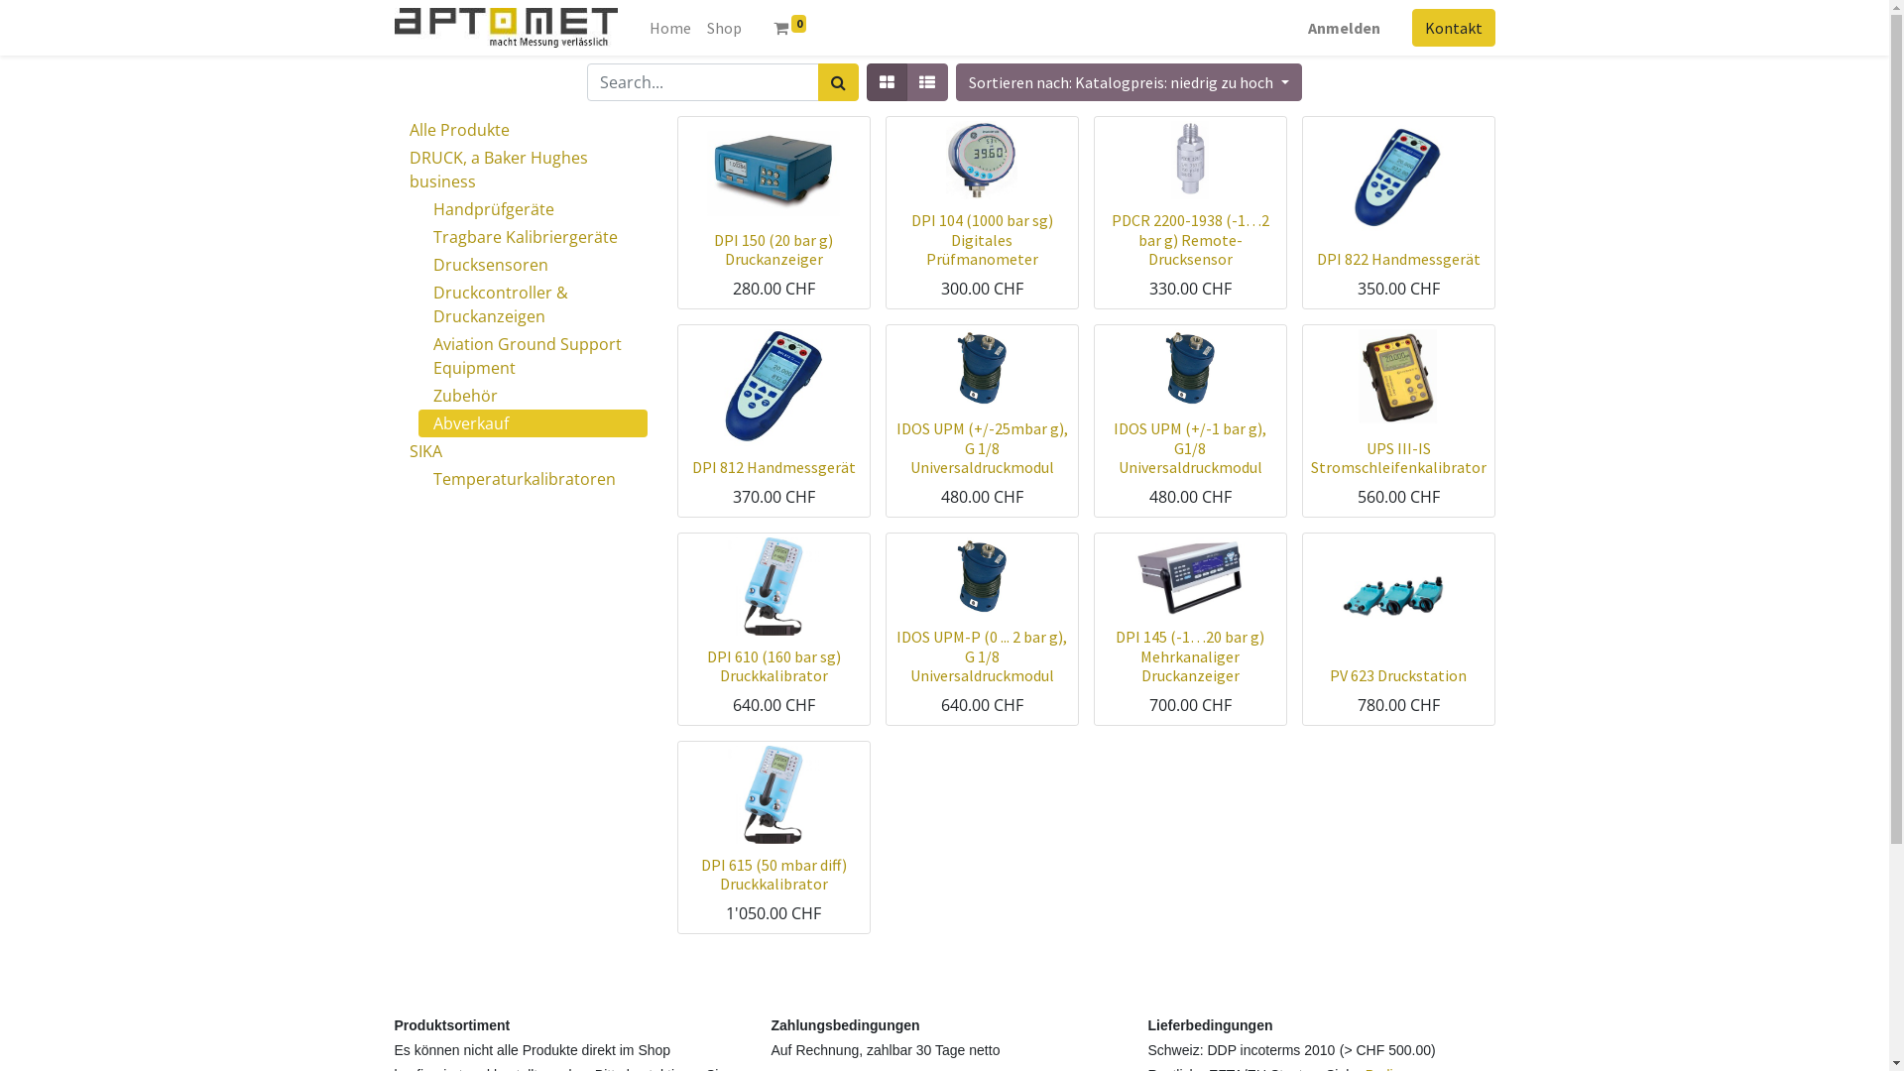 This screenshot has width=1904, height=1071. Describe the element at coordinates (1397, 457) in the screenshot. I see `'UPS III-IS Stromschleifenkalibrator'` at that location.